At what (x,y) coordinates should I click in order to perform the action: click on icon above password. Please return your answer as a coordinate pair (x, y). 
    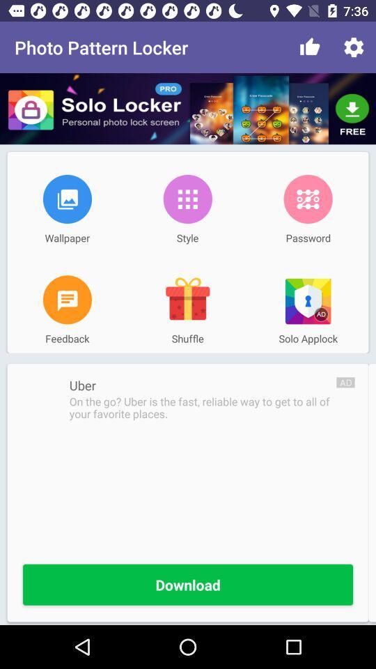
    Looking at the image, I should click on (308, 198).